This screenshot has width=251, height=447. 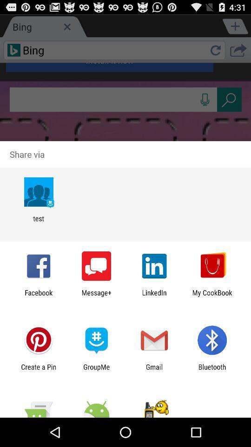 I want to click on app next to message+ item, so click(x=154, y=296).